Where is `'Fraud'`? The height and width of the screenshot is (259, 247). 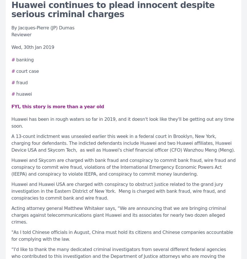 'Fraud' is located at coordinates (22, 82).